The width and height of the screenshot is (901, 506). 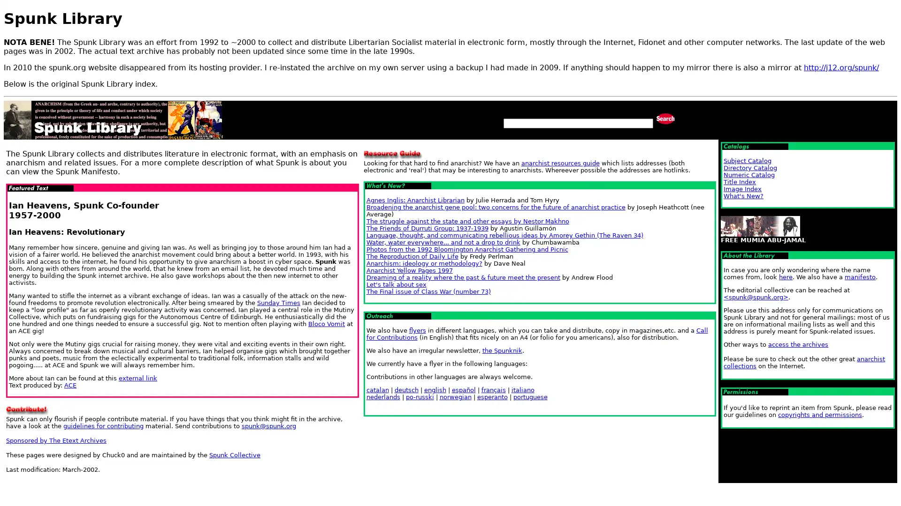 What do you see at coordinates (664, 118) in the screenshot?
I see `Search` at bounding box center [664, 118].